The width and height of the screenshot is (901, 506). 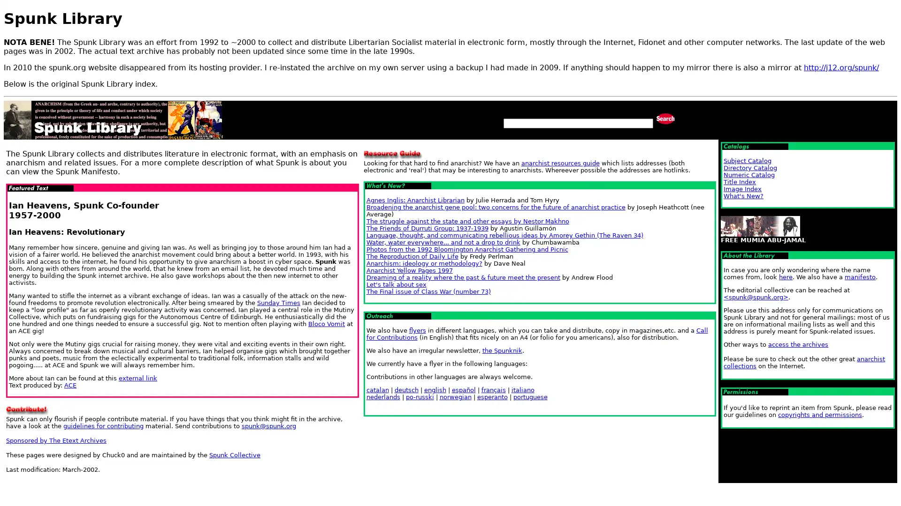 What do you see at coordinates (664, 118) in the screenshot?
I see `Search` at bounding box center [664, 118].